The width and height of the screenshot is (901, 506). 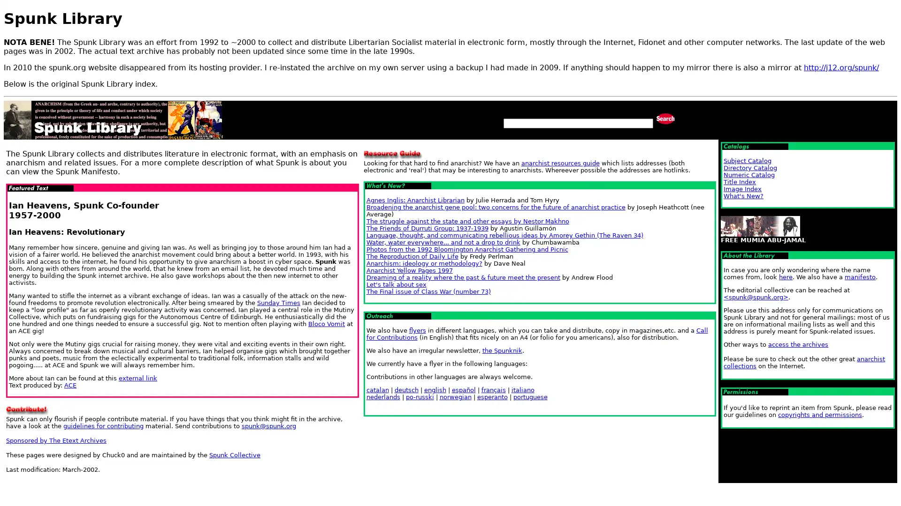 What do you see at coordinates (664, 118) in the screenshot?
I see `Search` at bounding box center [664, 118].